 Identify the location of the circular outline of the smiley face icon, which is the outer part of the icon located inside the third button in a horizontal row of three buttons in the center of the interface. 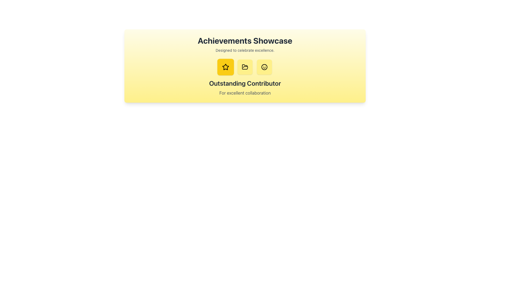
(264, 67).